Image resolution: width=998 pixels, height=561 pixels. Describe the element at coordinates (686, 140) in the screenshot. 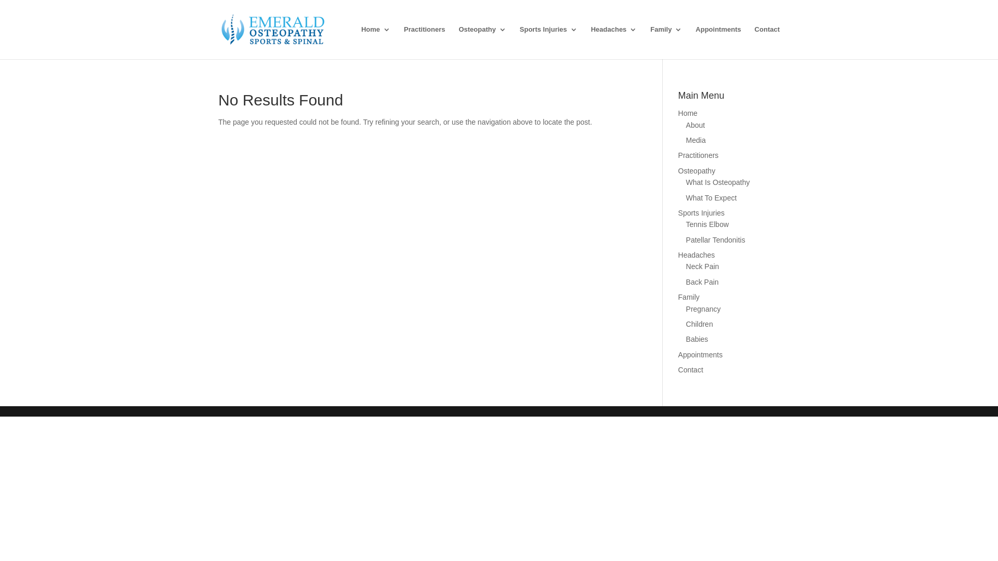

I see `'Media'` at that location.